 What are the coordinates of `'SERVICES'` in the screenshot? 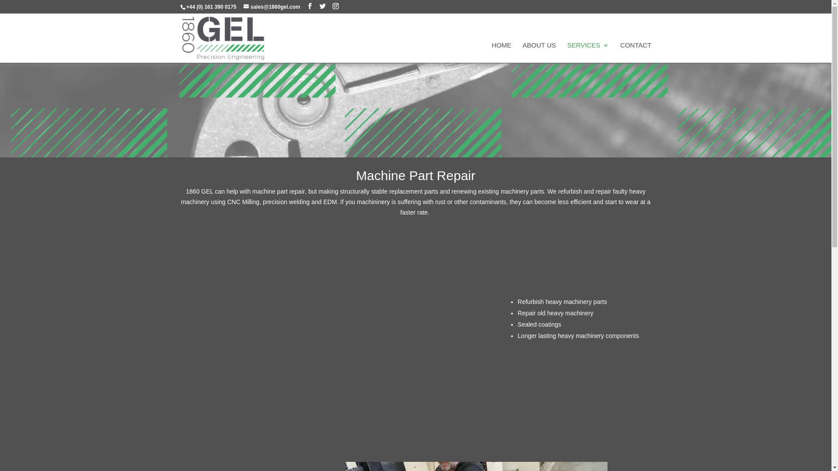 It's located at (567, 52).